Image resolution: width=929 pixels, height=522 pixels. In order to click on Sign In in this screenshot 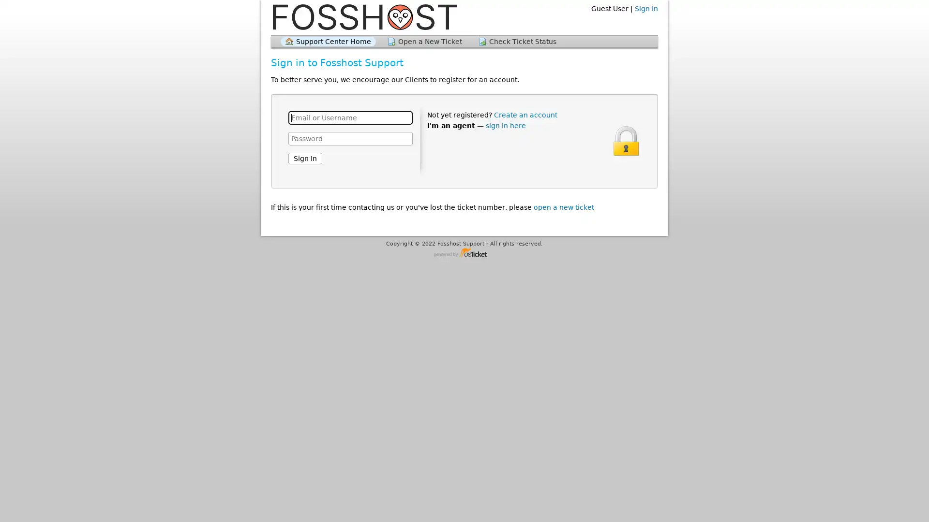, I will do `click(304, 158)`.